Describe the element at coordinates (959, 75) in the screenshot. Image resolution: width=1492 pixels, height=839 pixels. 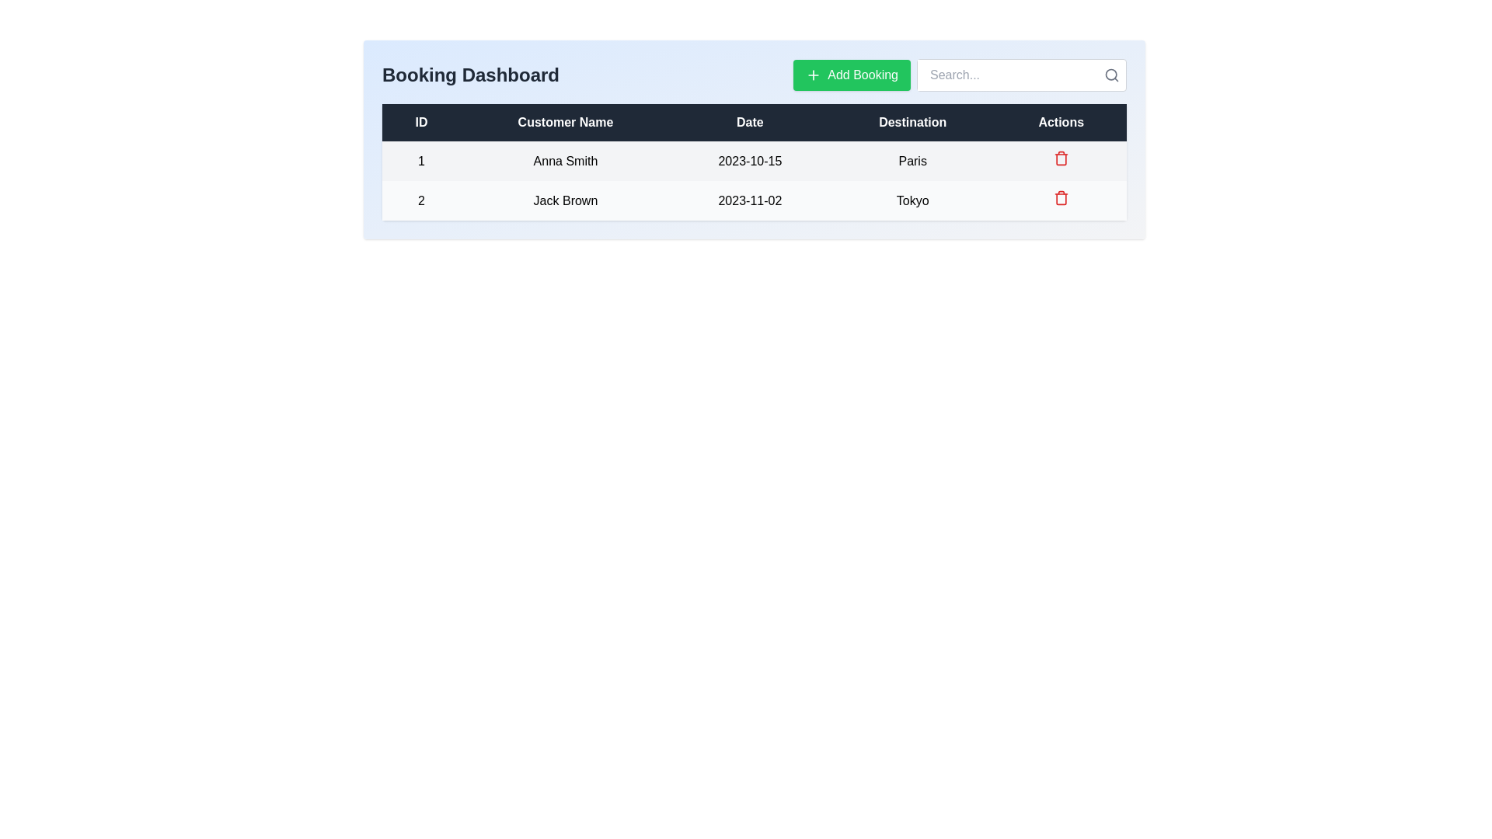
I see `the text input field with the placeholder 'Search...' located to the right of the 'Add Booking' button and to the left of the search icon` at that location.